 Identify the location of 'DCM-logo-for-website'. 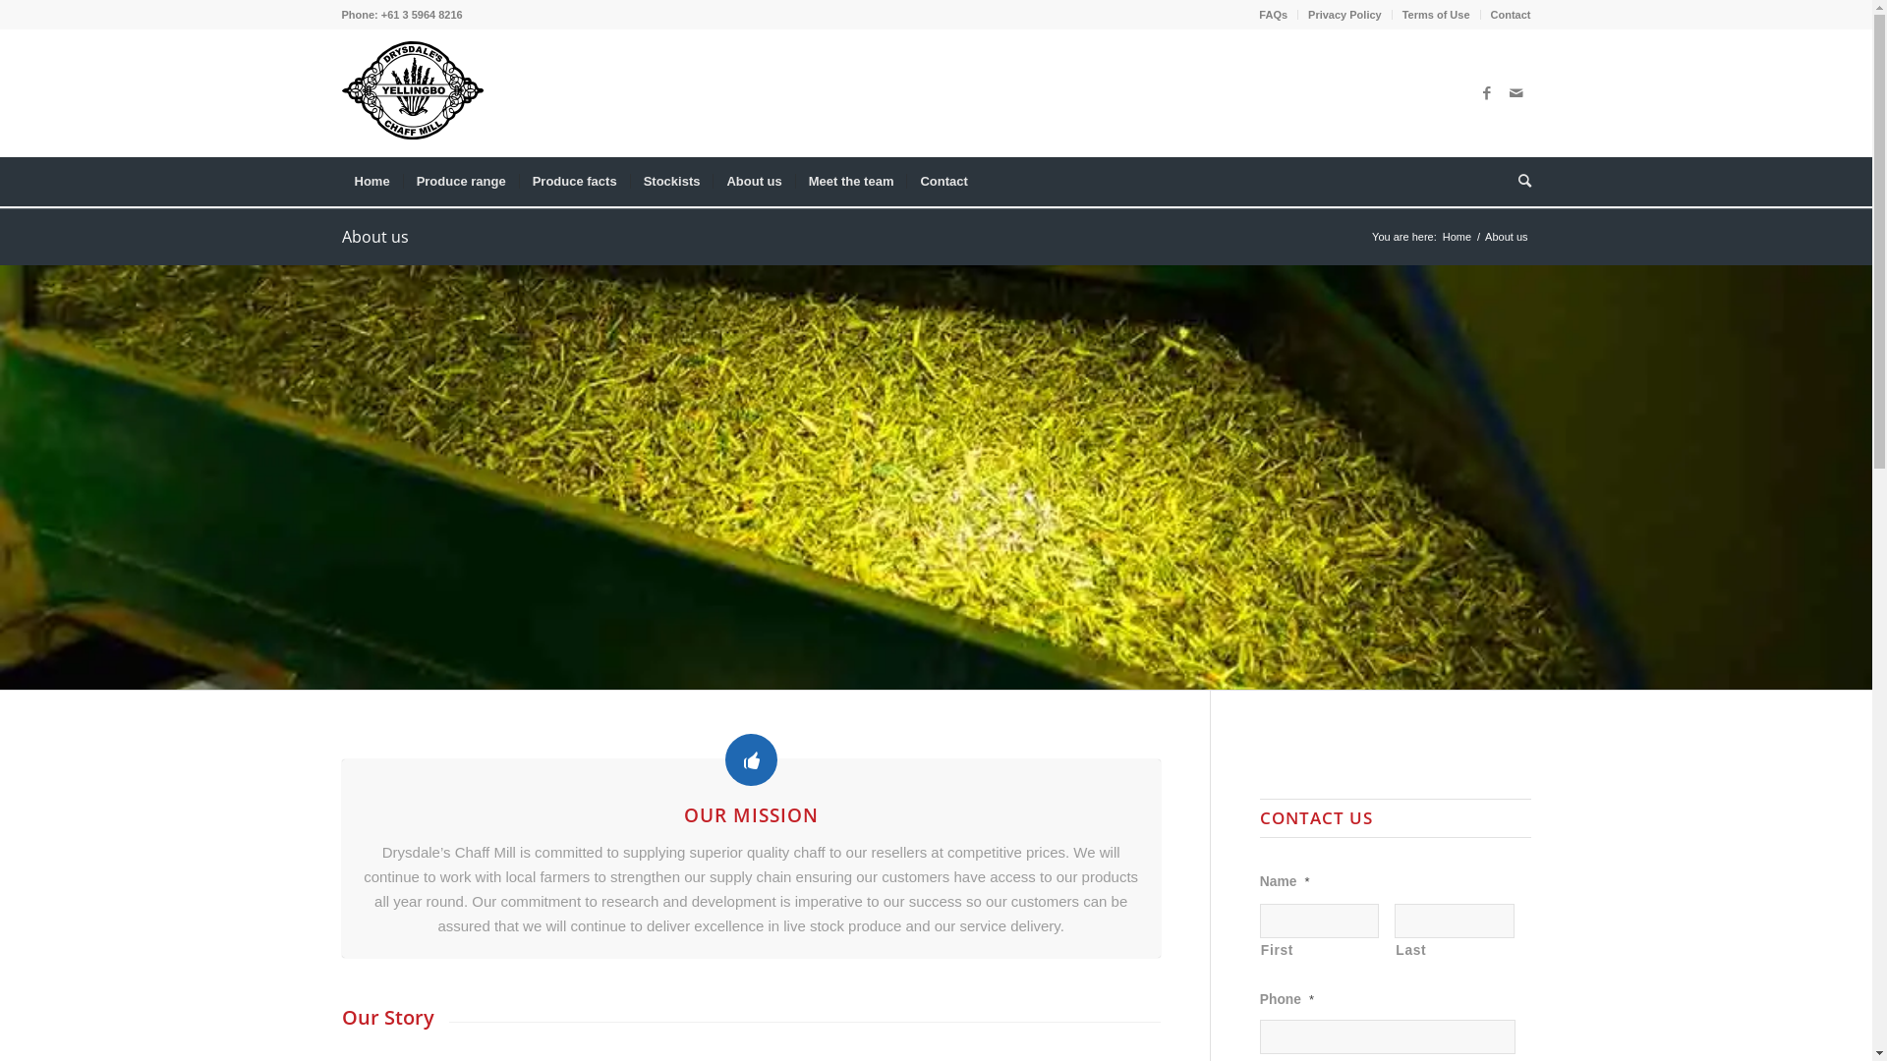
(412, 90).